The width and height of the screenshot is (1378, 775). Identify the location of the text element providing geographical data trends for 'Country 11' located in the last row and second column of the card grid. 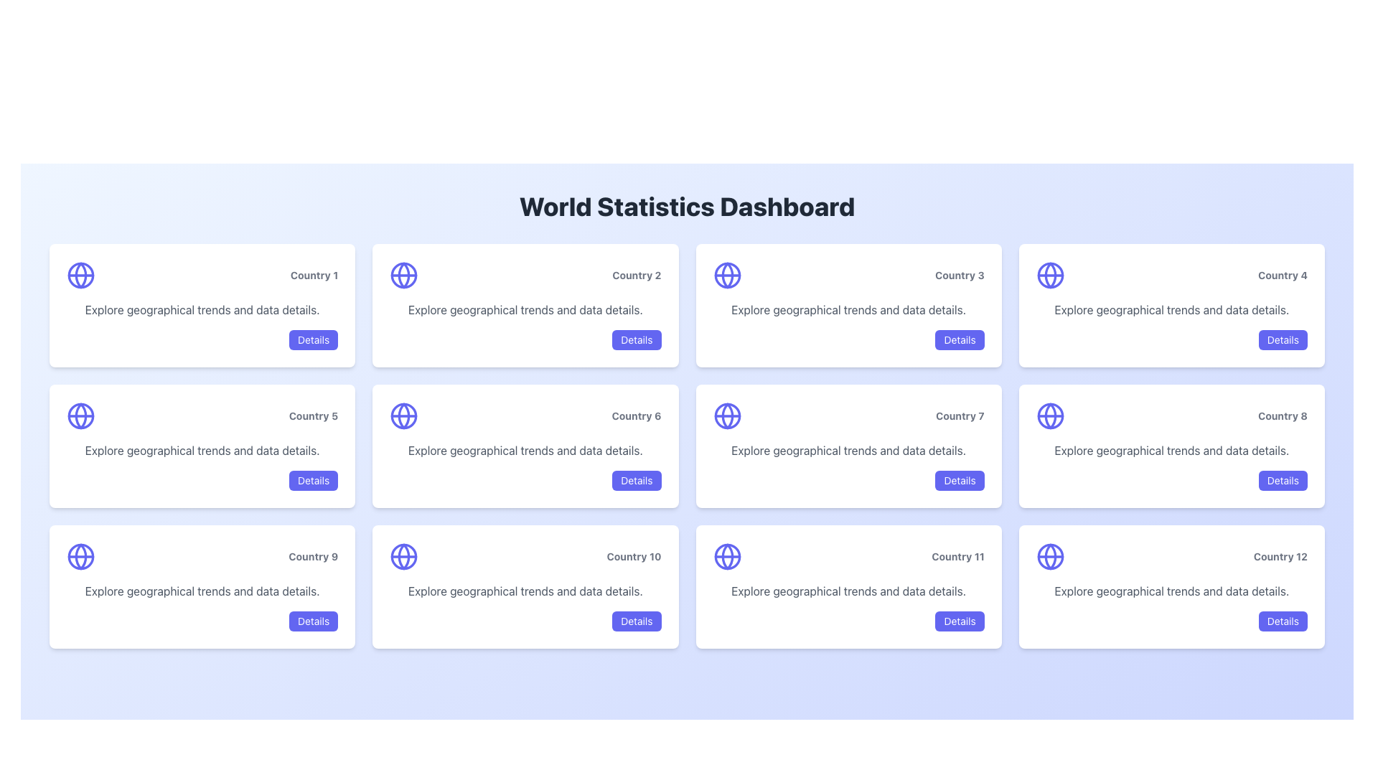
(848, 591).